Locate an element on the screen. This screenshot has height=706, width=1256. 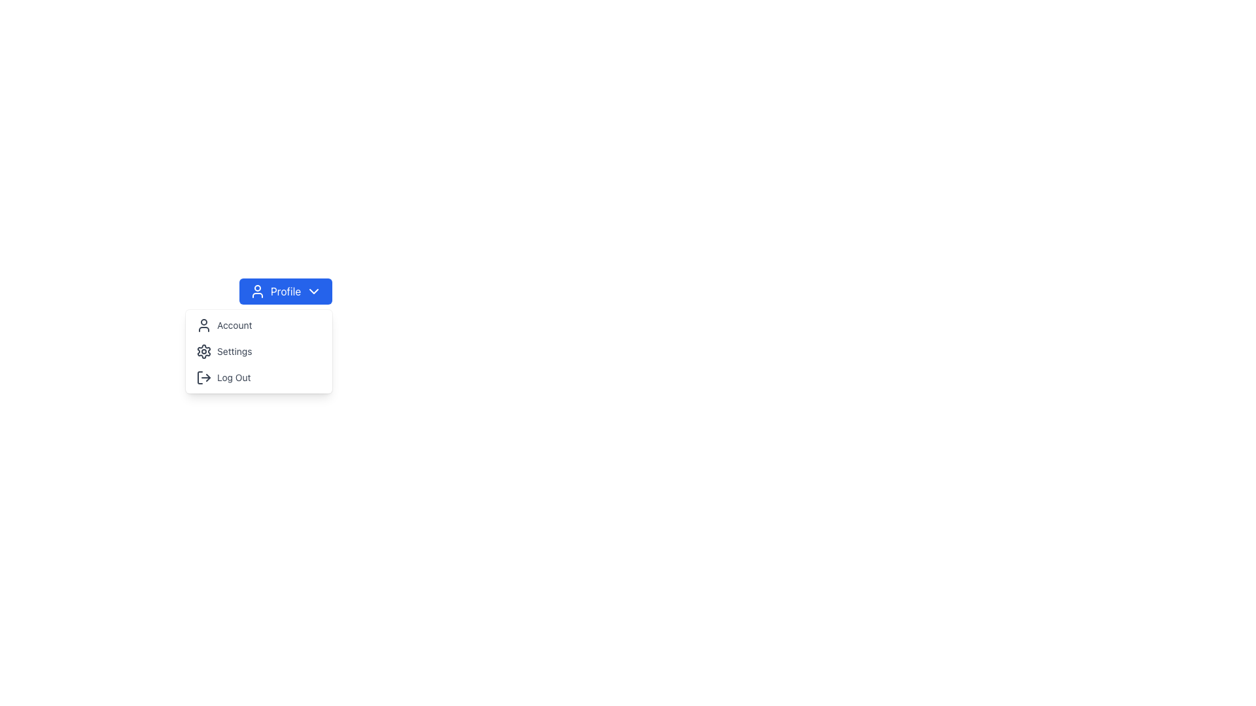
the 'Settings' icon, which is the leftmost component in the dropdown menu associated with configuring user preferences is located at coordinates (203, 350).